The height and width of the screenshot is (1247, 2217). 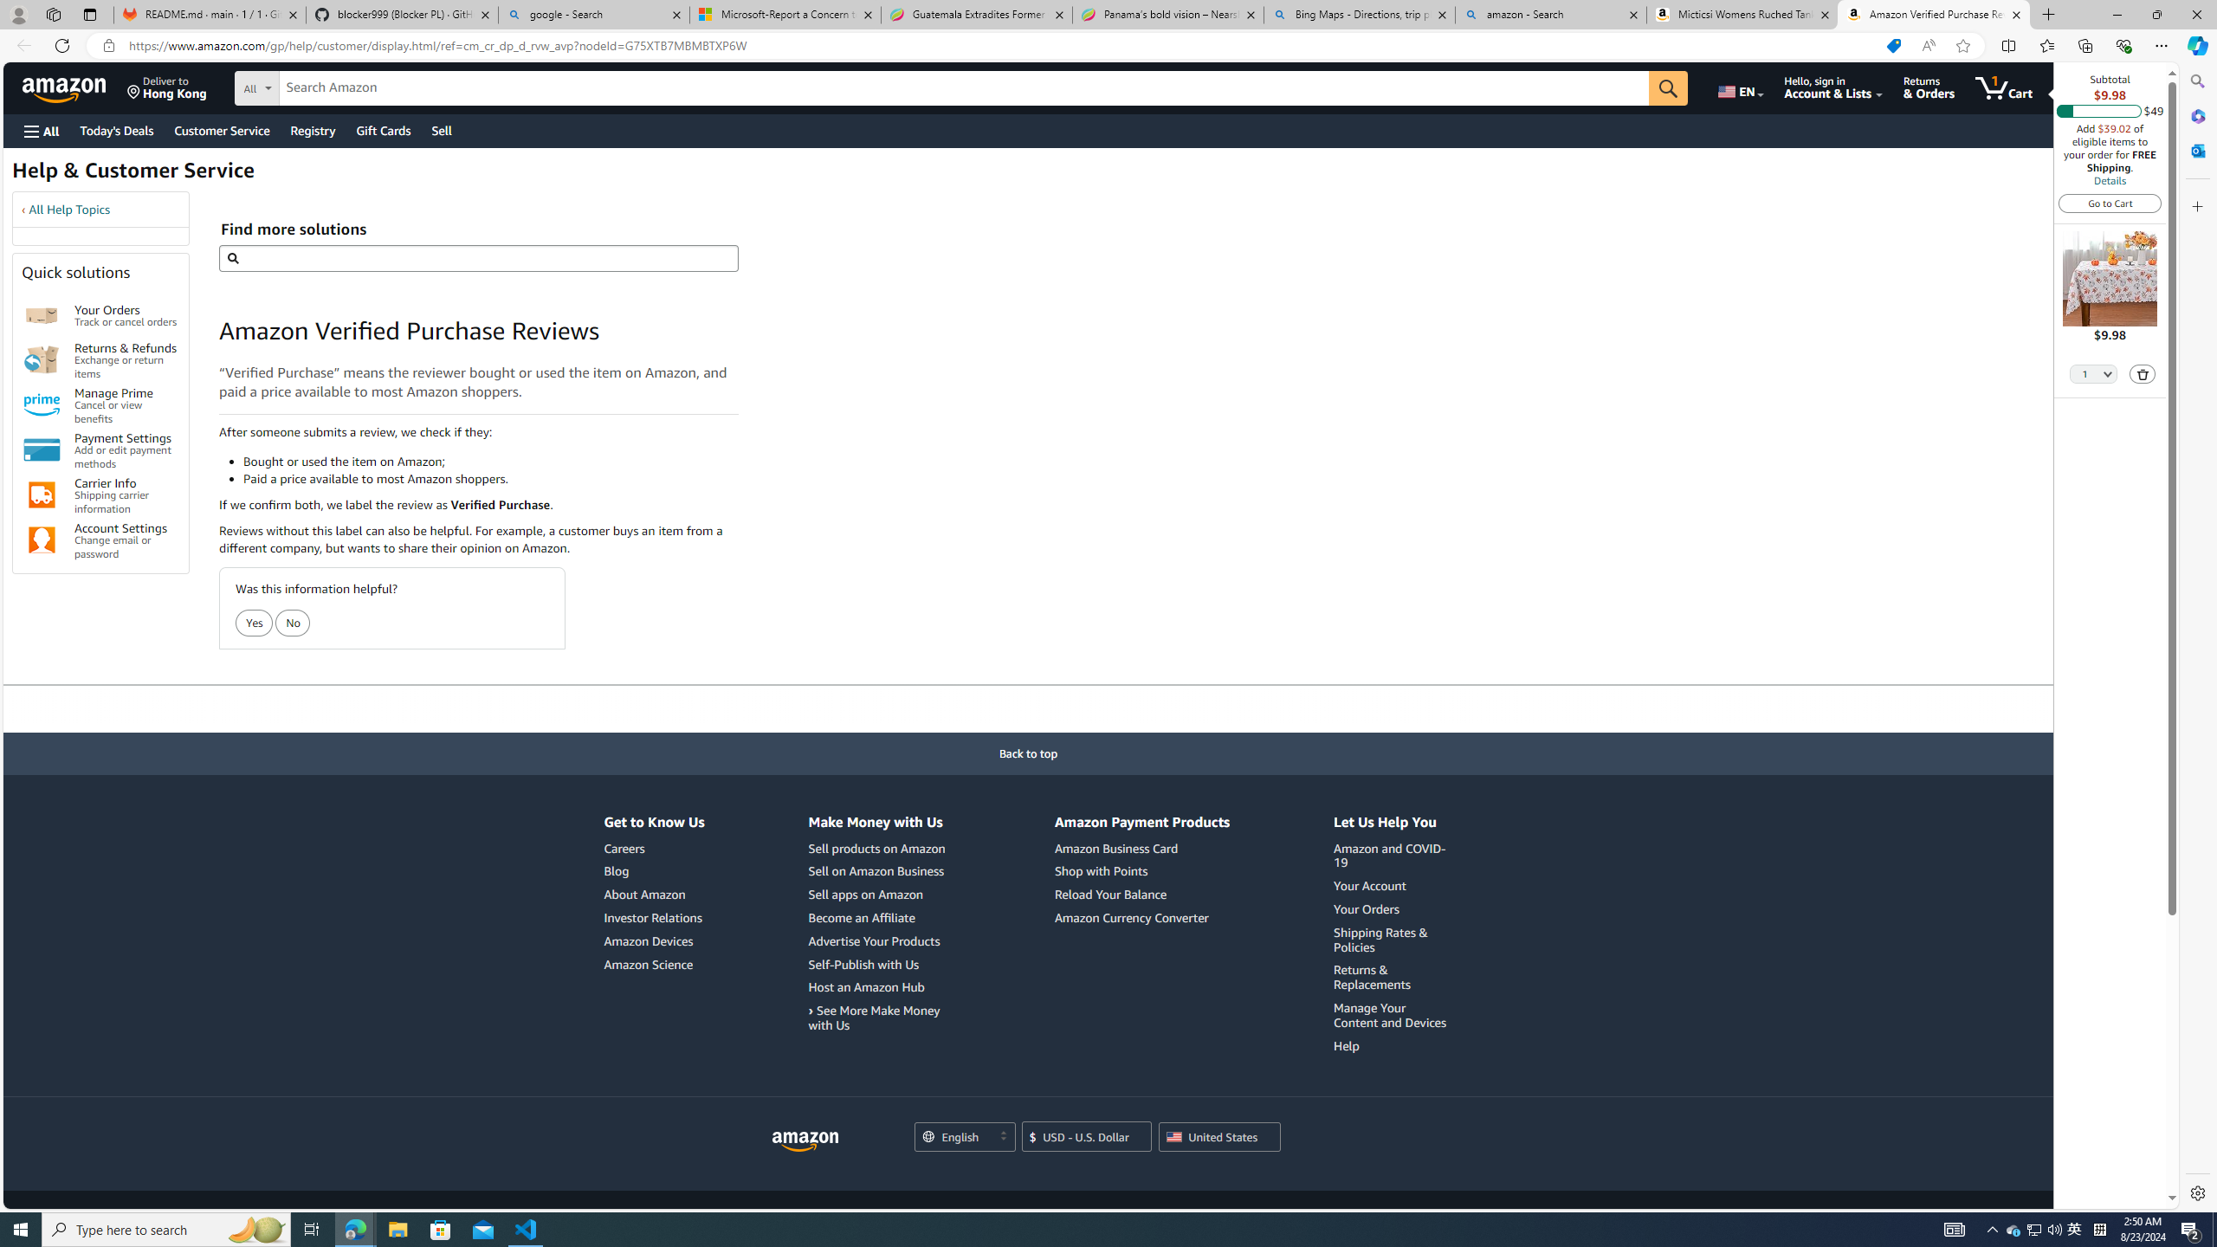 I want to click on 'About Amazon', so click(x=653, y=895).